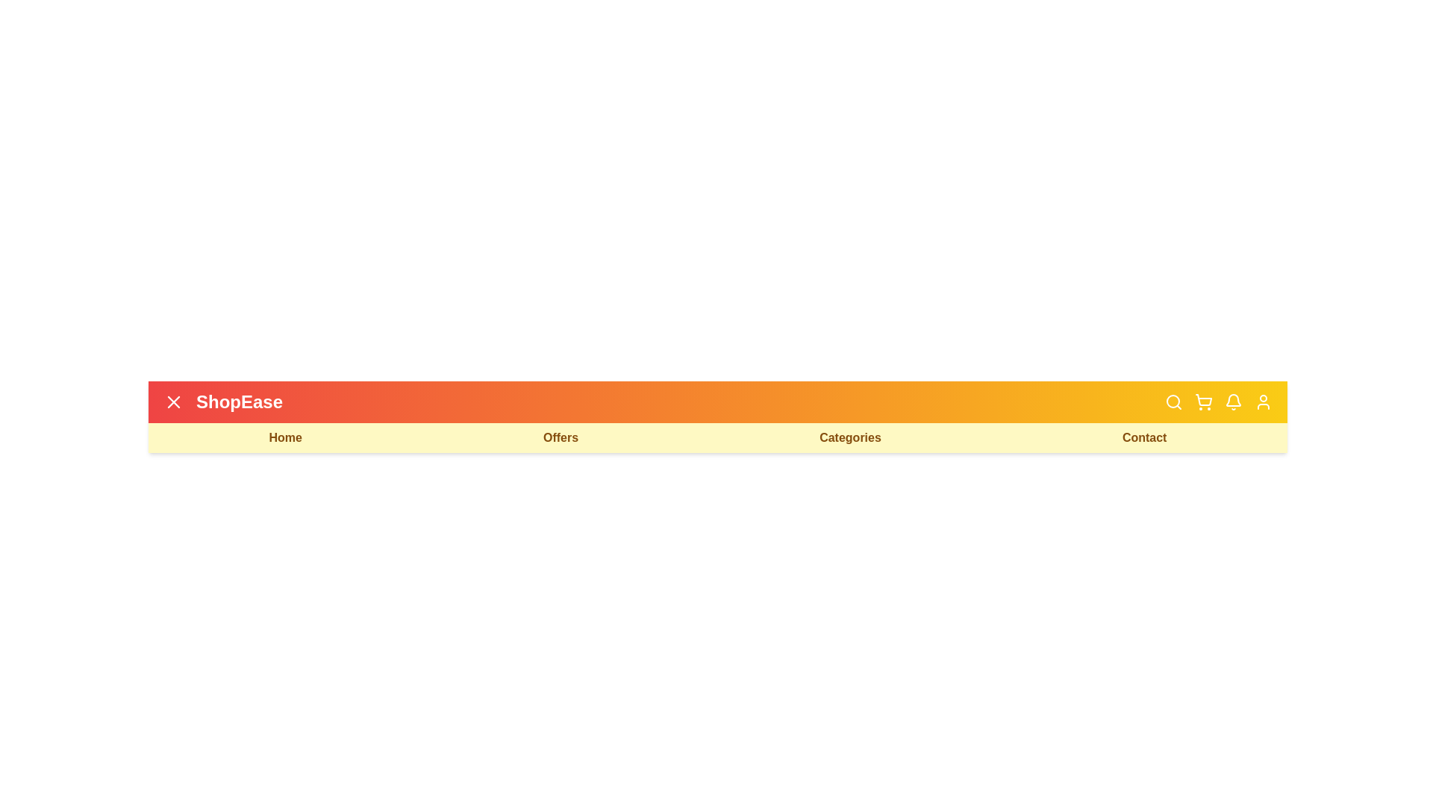 The width and height of the screenshot is (1433, 806). Describe the element at coordinates (285, 437) in the screenshot. I see `the 'Home' navigation link to navigate to the homepage` at that location.